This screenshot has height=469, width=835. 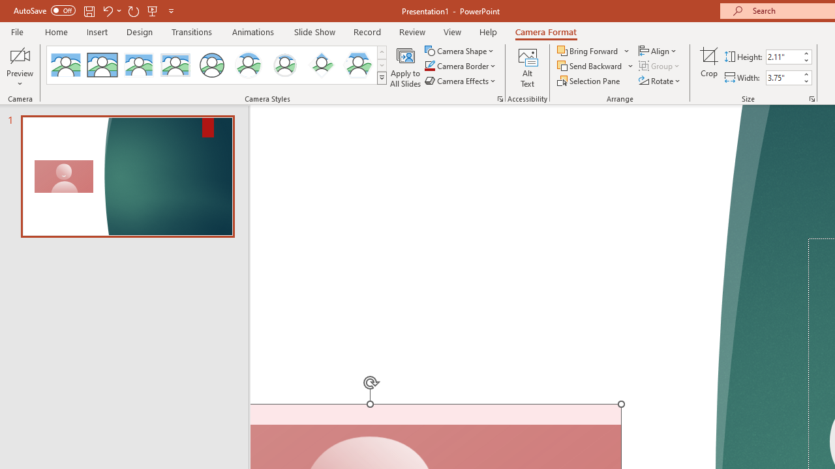 I want to click on 'Less', so click(x=805, y=81).